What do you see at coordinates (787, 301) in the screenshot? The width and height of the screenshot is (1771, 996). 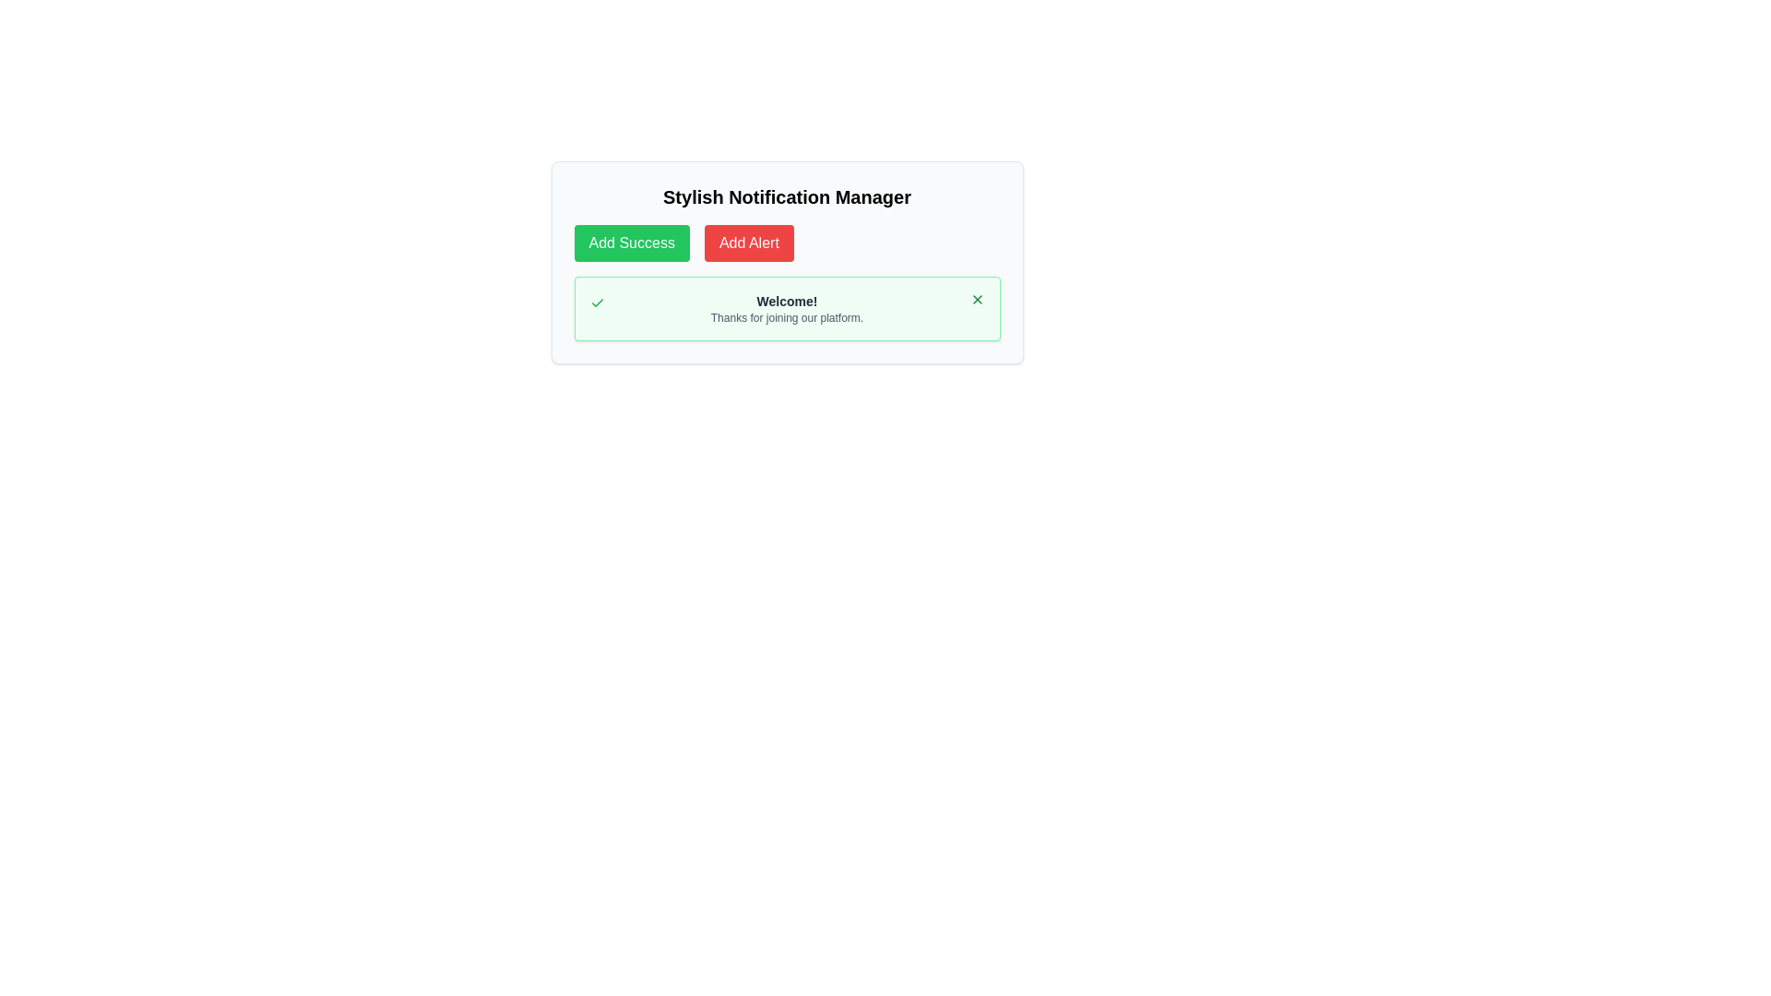 I see `the welcoming message text in the notification box titled 'Thanks for joining our platform'` at bounding box center [787, 301].